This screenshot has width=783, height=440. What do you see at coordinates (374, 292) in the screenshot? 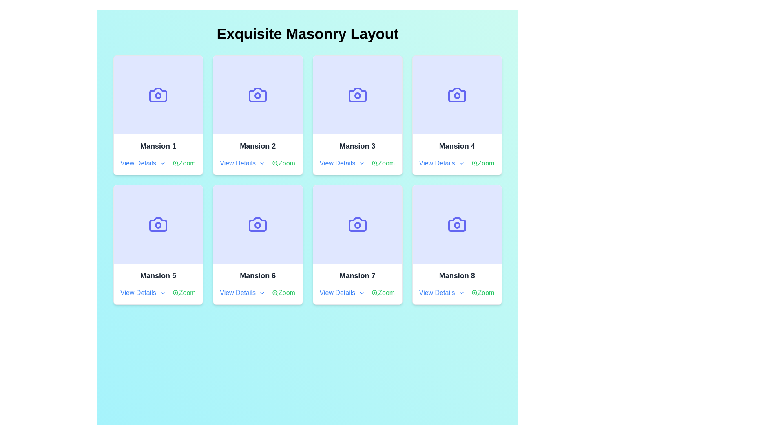
I see `the circular graphic element that represents the zoom-in feature within the icon associated with the 'Mansion 7' card, located at the bottom-right corner of the card` at bounding box center [374, 292].